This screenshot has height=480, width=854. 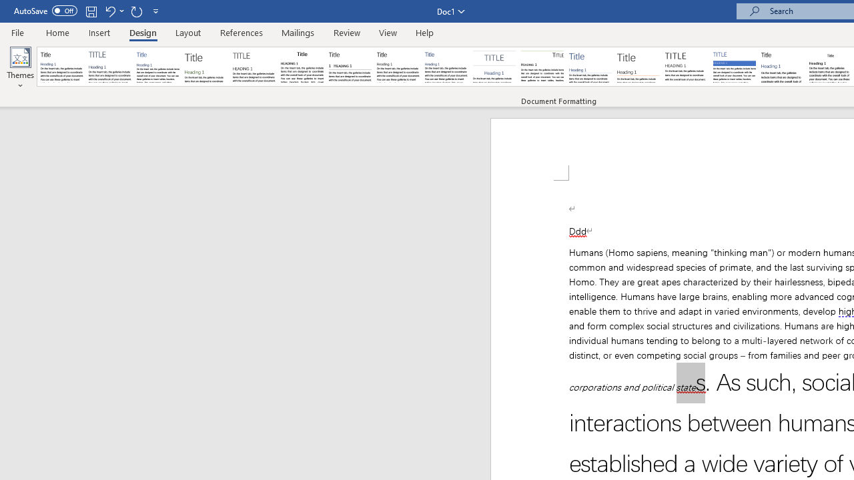 What do you see at coordinates (99, 32) in the screenshot?
I see `'Insert'` at bounding box center [99, 32].